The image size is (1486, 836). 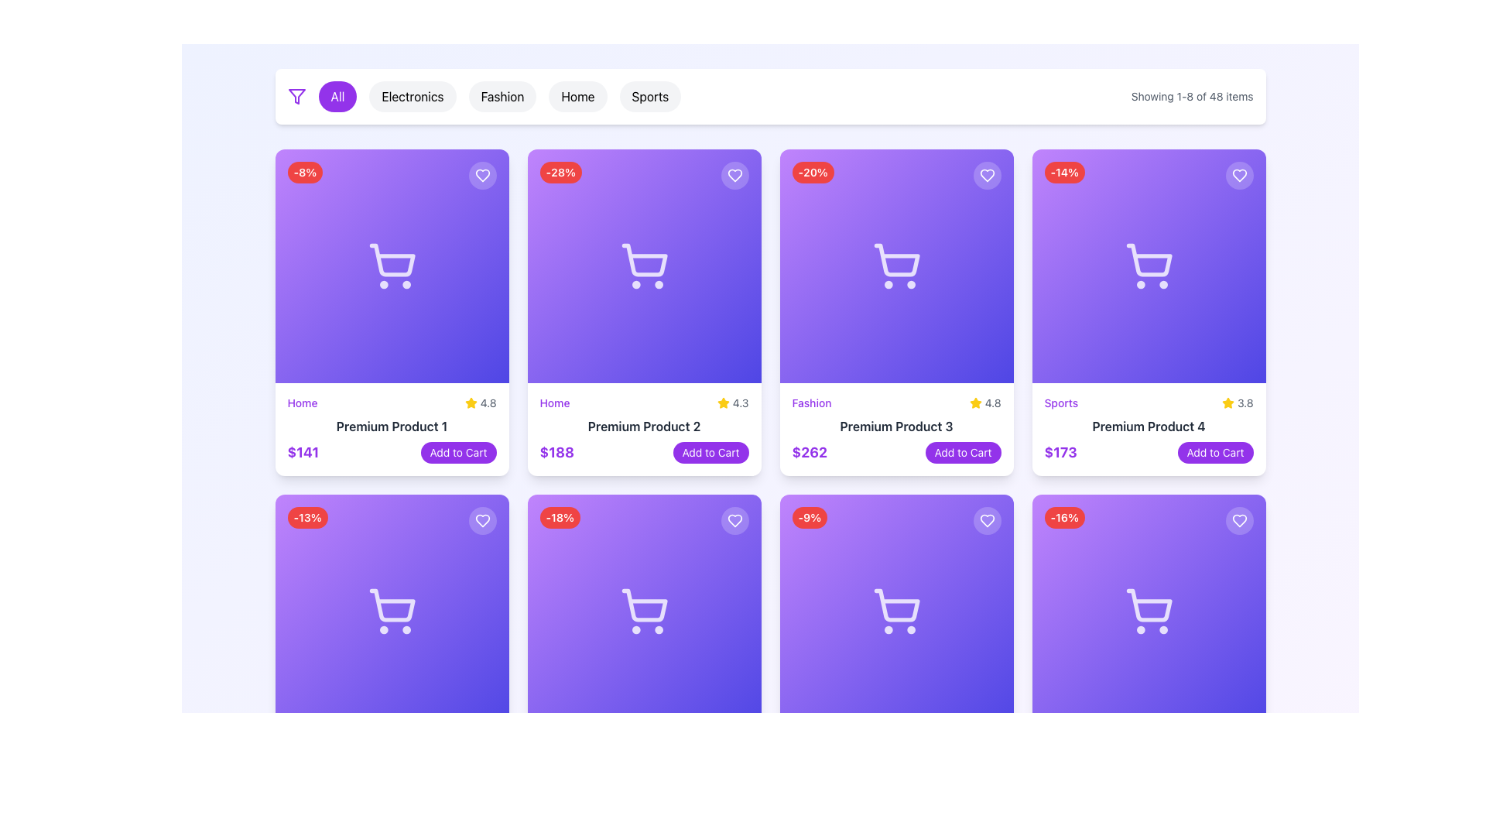 I want to click on the vector graphic component representing the basket area of the shopping cart icon located in the second row and second column of the grid layout, so click(x=644, y=605).